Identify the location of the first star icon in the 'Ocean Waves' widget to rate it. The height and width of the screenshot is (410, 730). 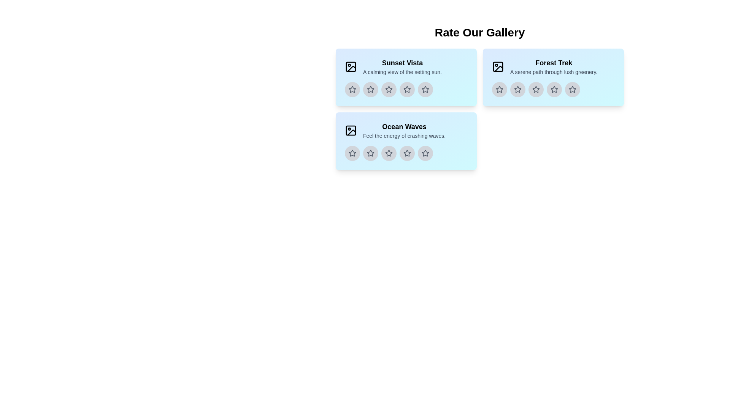
(352, 153).